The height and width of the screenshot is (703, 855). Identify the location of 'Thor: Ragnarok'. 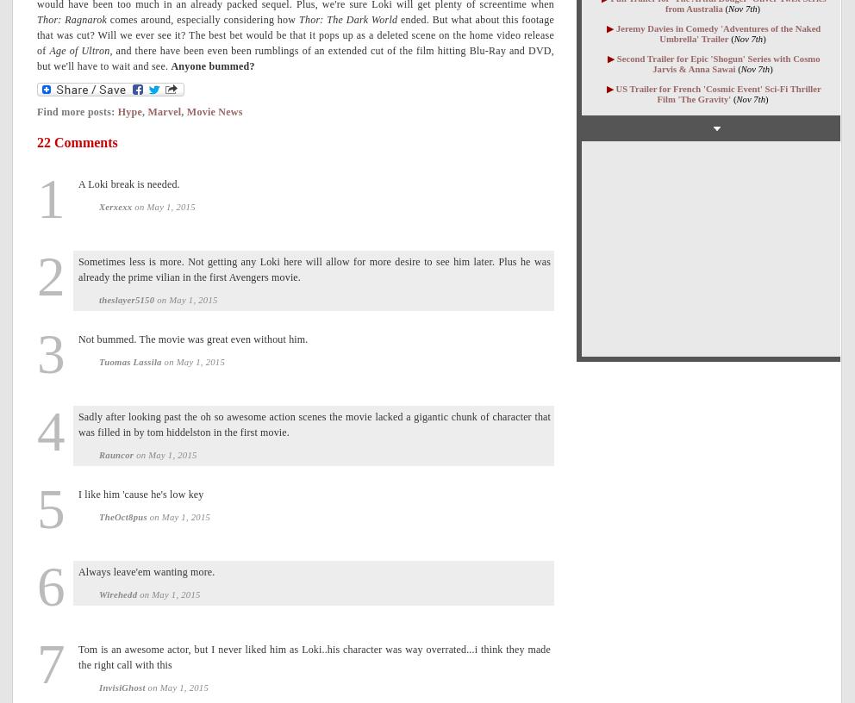
(71, 18).